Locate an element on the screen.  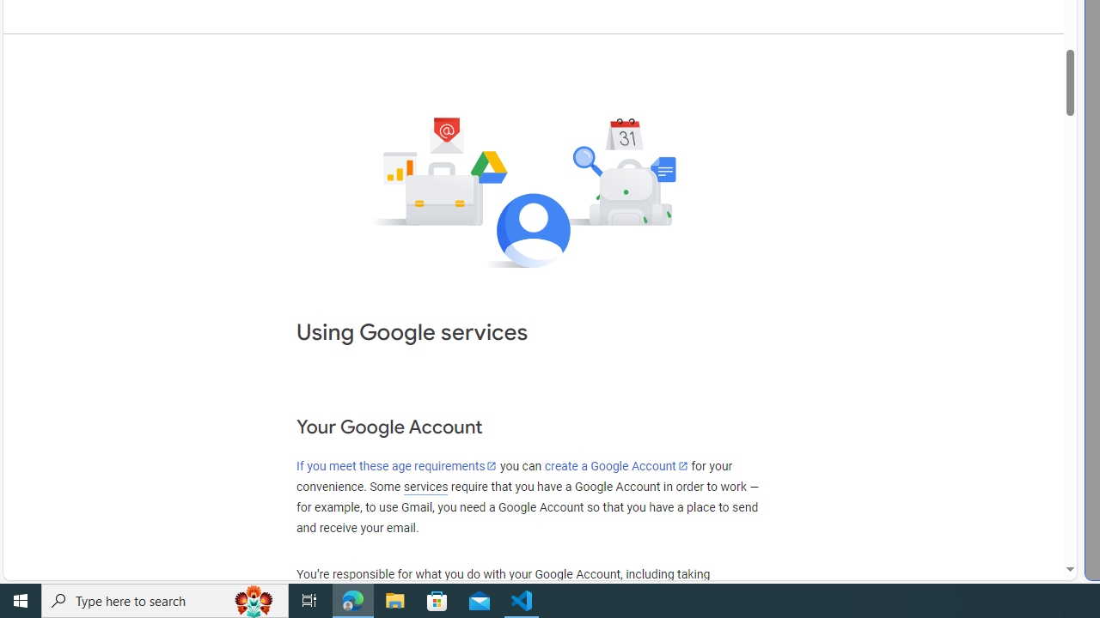
'Visual Studio Code - 1 running window' is located at coordinates (521, 599).